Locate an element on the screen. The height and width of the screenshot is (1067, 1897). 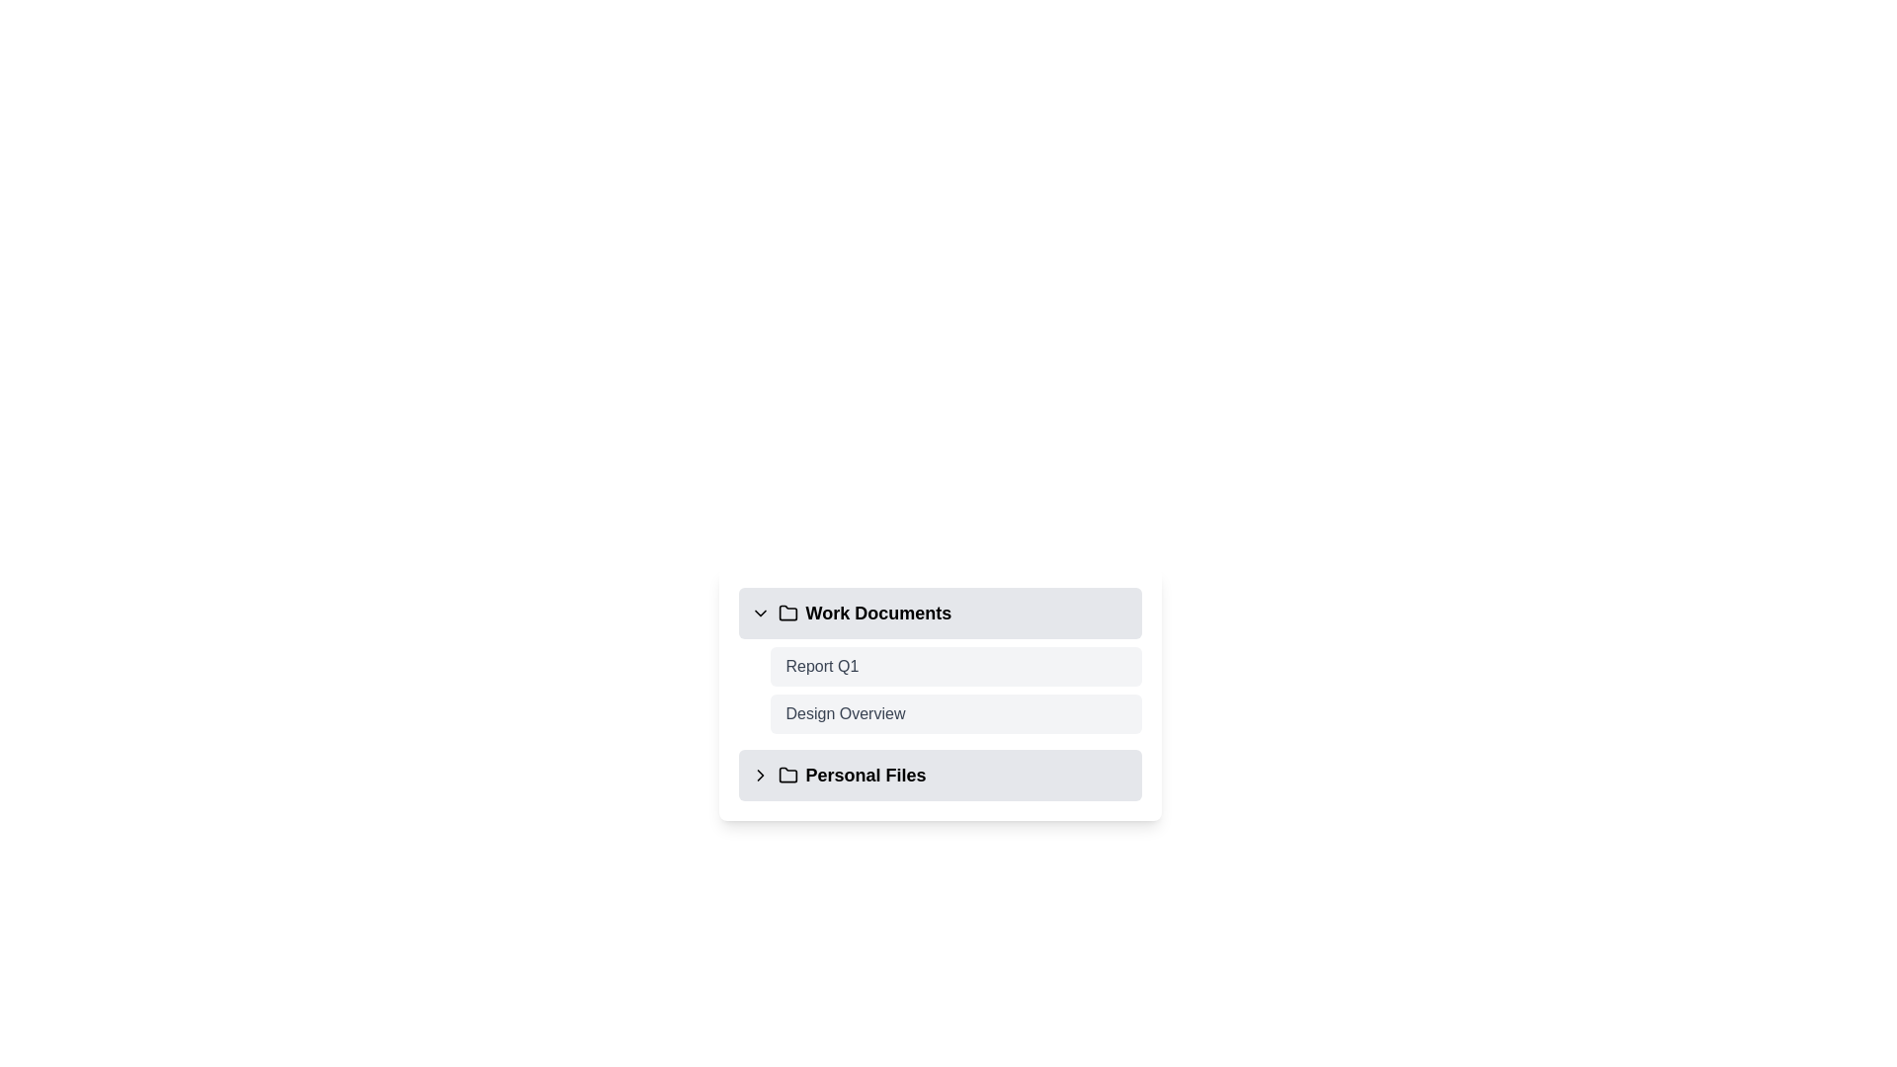
the clickable area of the icon representing folder storage, located to the left of the text 'Personal Files' within the gray-highlighted section labeled 'Personal Files' is located at coordinates (786, 775).